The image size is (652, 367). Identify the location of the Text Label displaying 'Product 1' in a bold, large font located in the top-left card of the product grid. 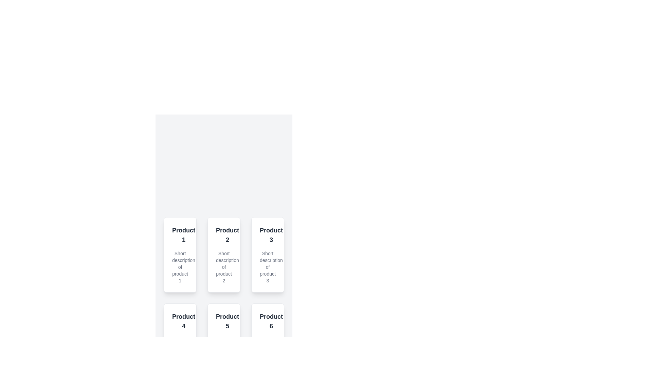
(184, 234).